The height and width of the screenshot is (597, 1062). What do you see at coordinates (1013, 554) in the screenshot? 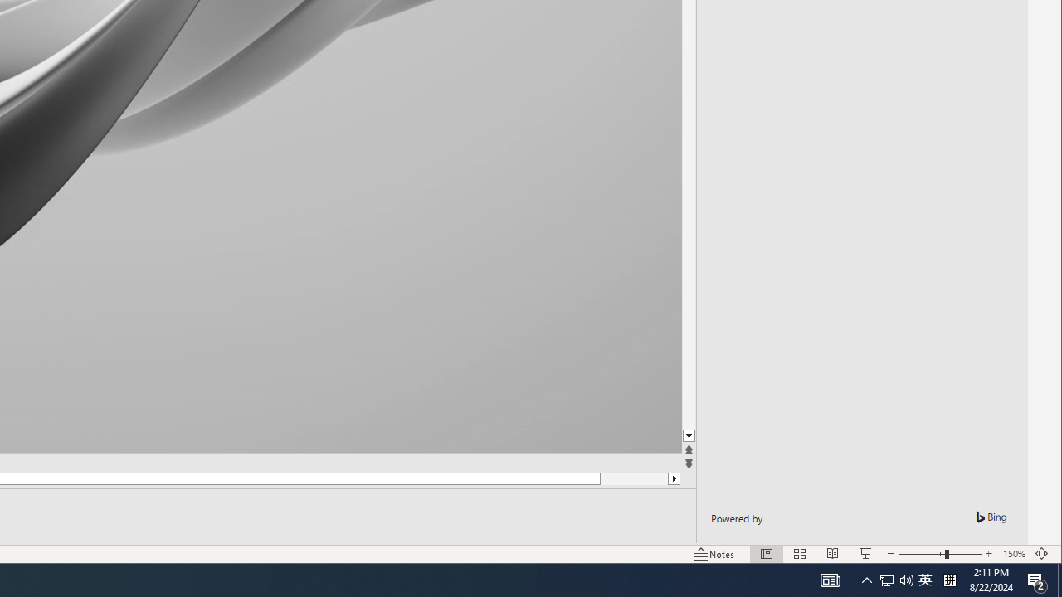
I see `'Zoom 150%'` at bounding box center [1013, 554].